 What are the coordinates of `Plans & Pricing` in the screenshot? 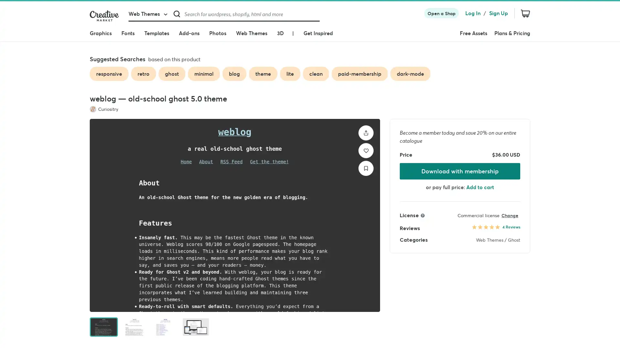 It's located at (512, 33).